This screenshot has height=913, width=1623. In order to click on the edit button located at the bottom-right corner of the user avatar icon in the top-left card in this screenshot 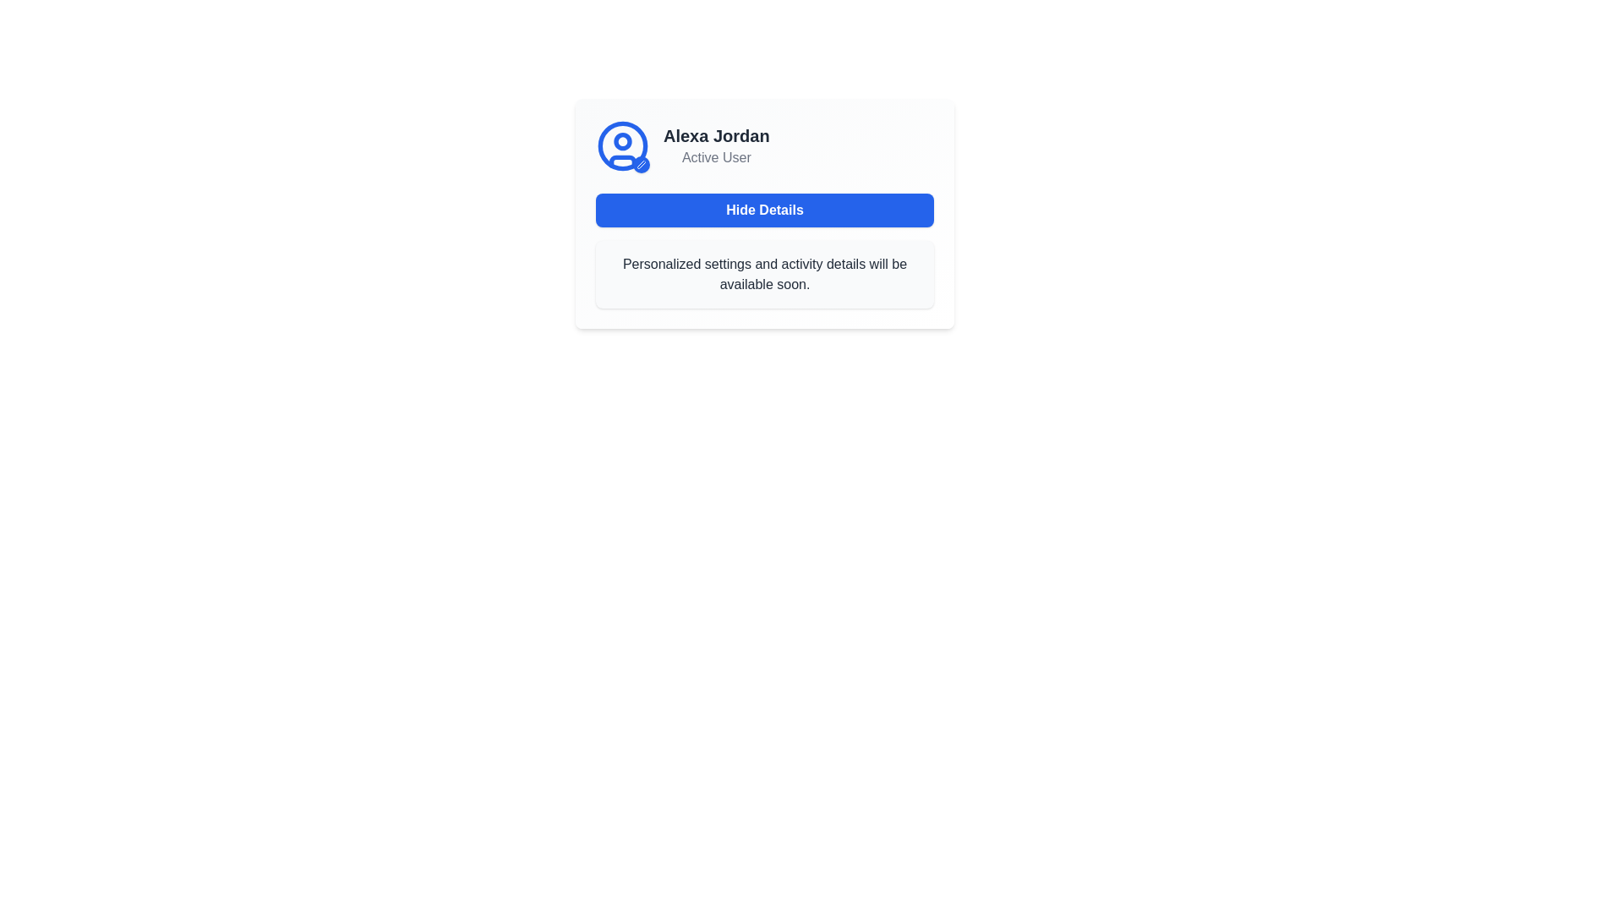, I will do `click(640, 163)`.